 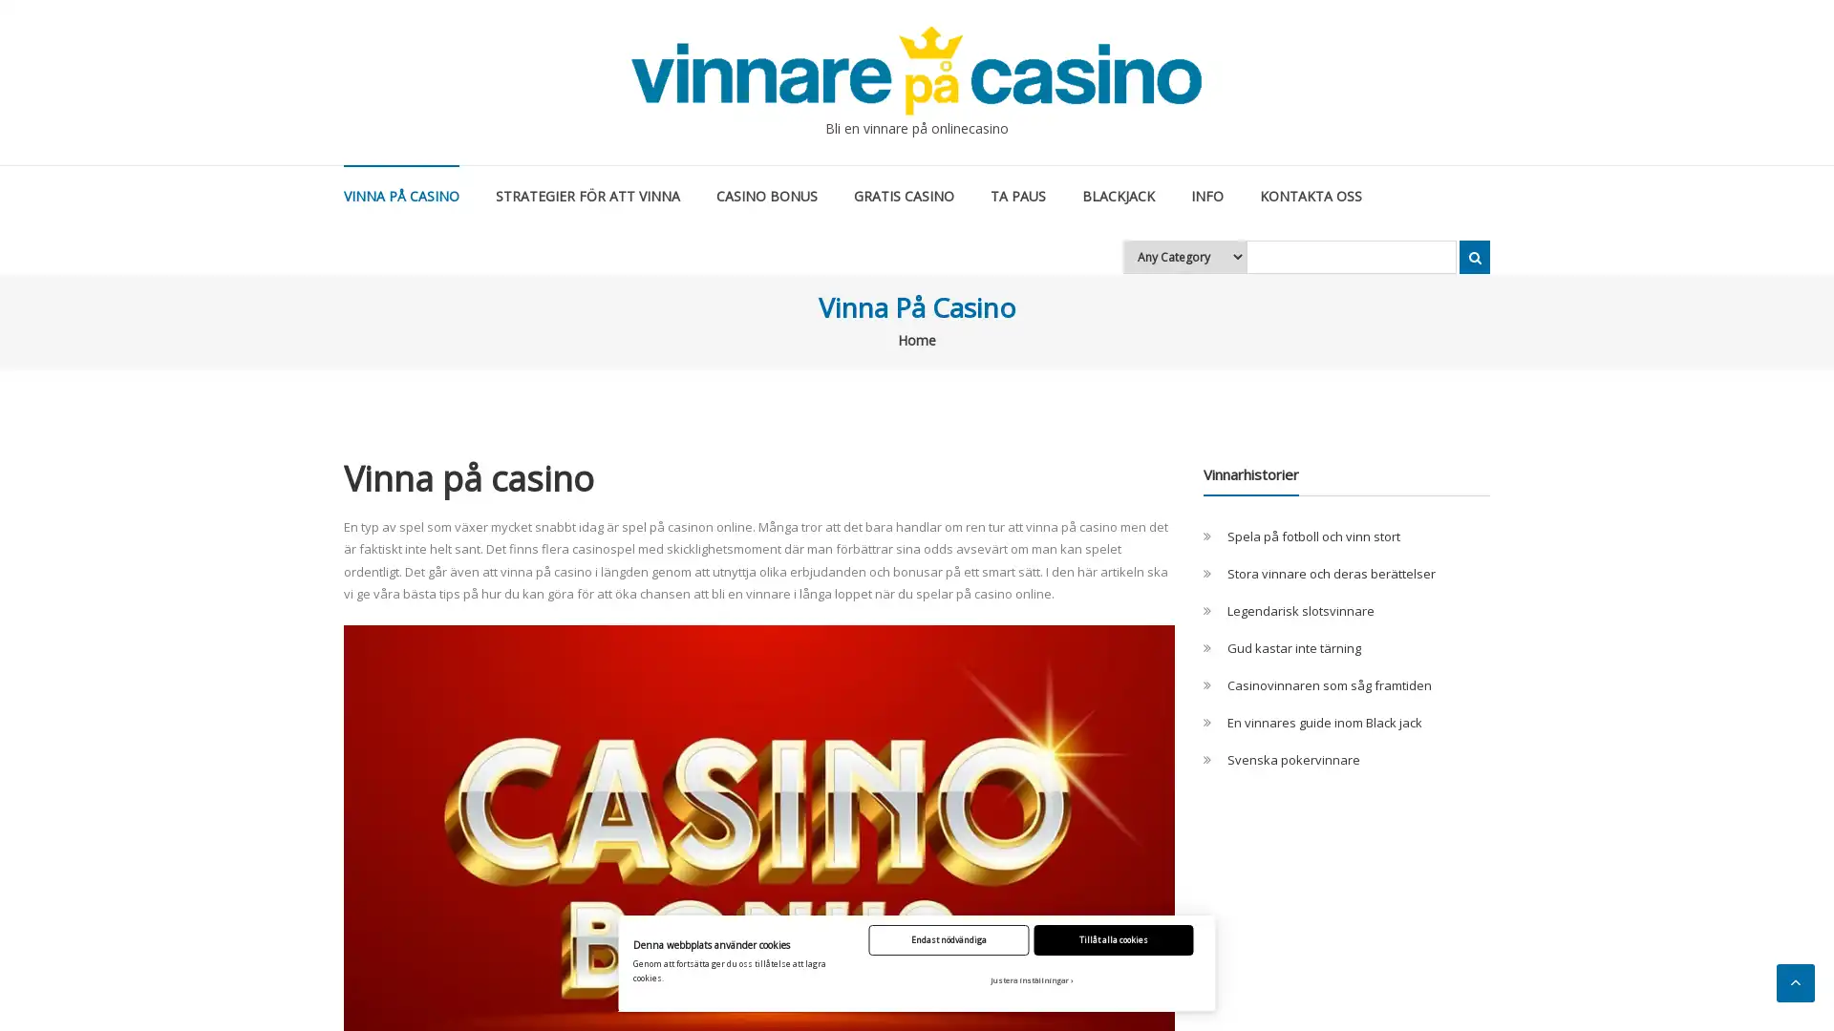 What do you see at coordinates (1030, 980) in the screenshot?
I see `Justera installningar` at bounding box center [1030, 980].